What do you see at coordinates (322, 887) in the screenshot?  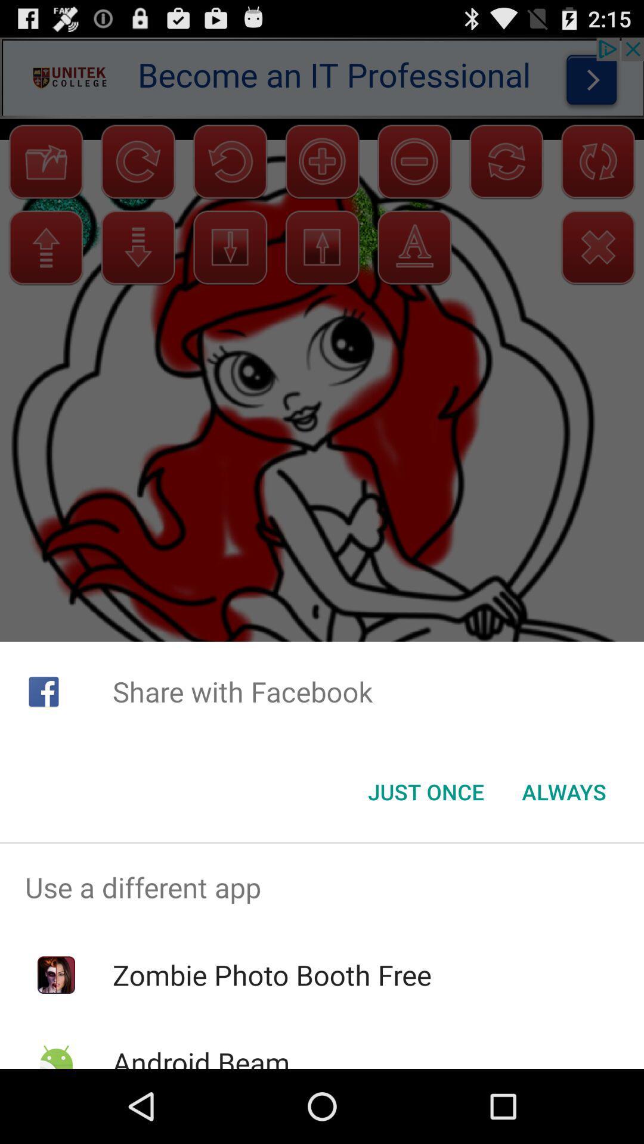 I see `use a different app` at bounding box center [322, 887].